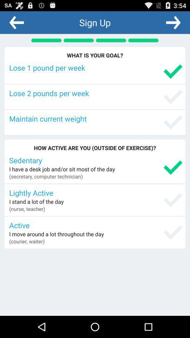 The height and width of the screenshot is (338, 190). I want to click on the icon below the i stand a, so click(27, 209).